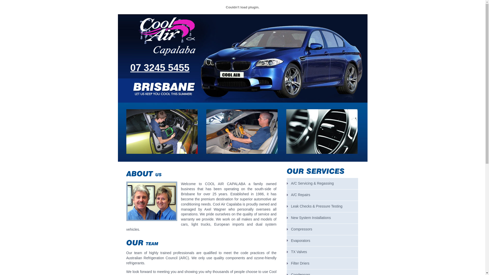 This screenshot has height=275, width=489. I want to click on 'Leak Checks & Pressure Testing', so click(322, 206).